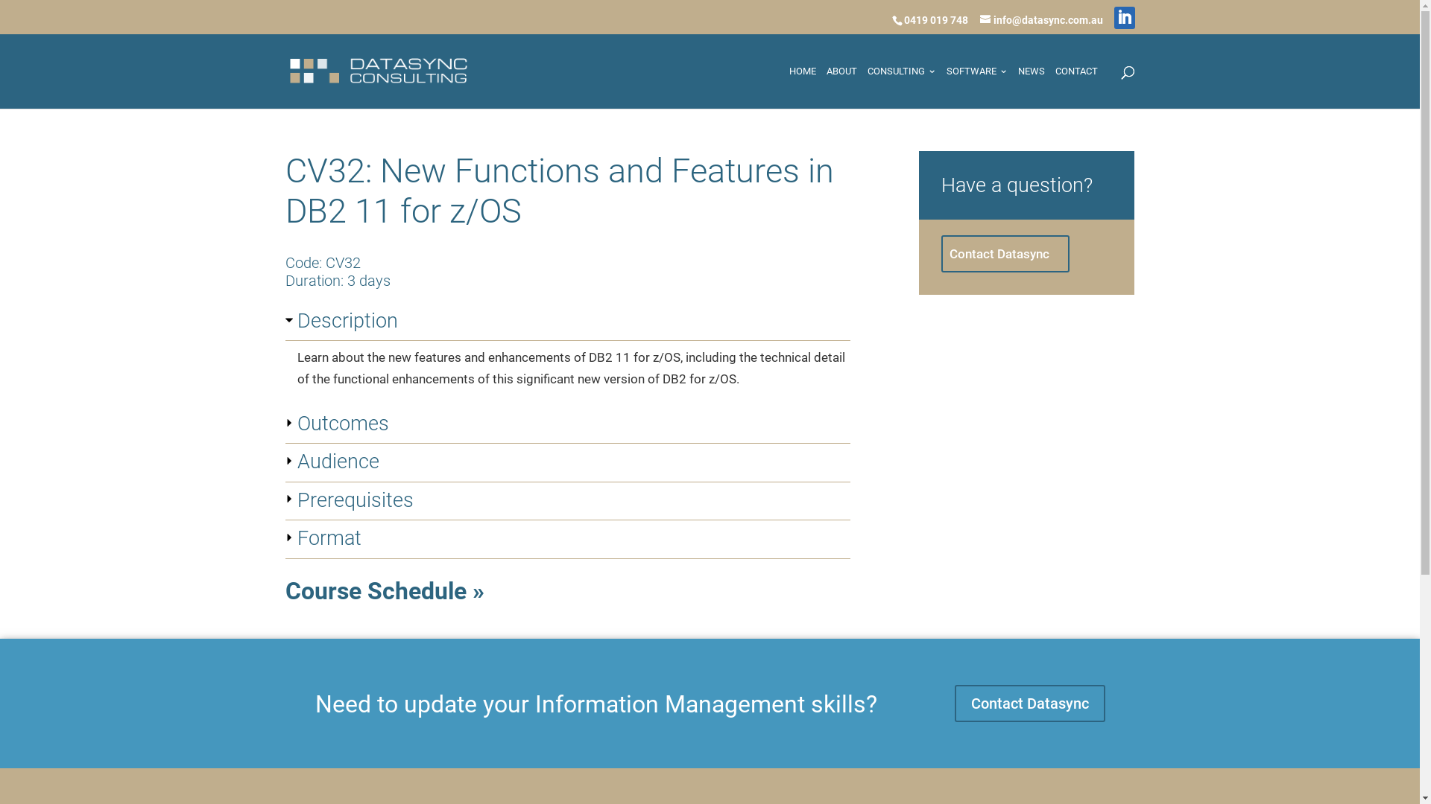 This screenshot has width=1431, height=804. What do you see at coordinates (825, 86) in the screenshot?
I see `'ABOUT'` at bounding box center [825, 86].